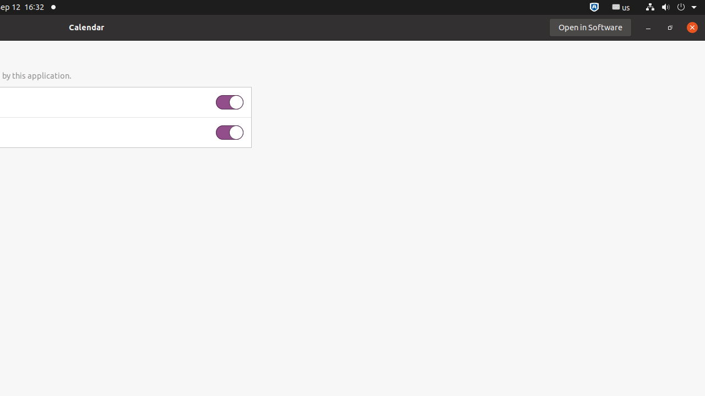  What do you see at coordinates (691, 26) in the screenshot?
I see `'Close'` at bounding box center [691, 26].